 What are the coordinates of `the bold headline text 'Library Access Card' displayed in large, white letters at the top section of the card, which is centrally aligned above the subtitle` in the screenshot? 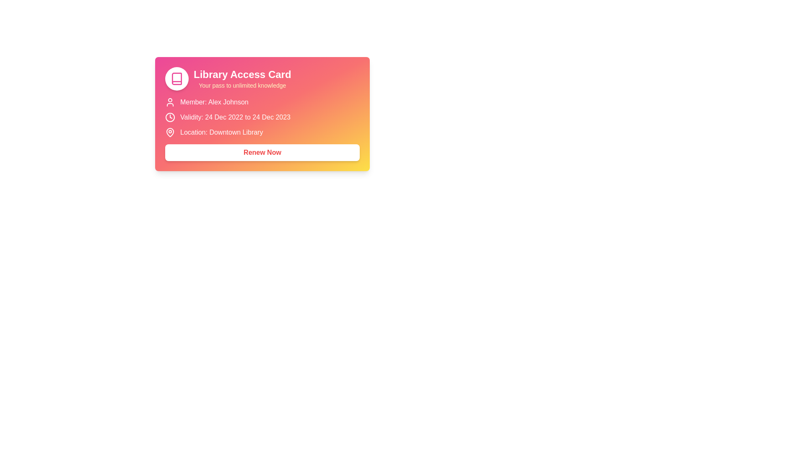 It's located at (242, 74).